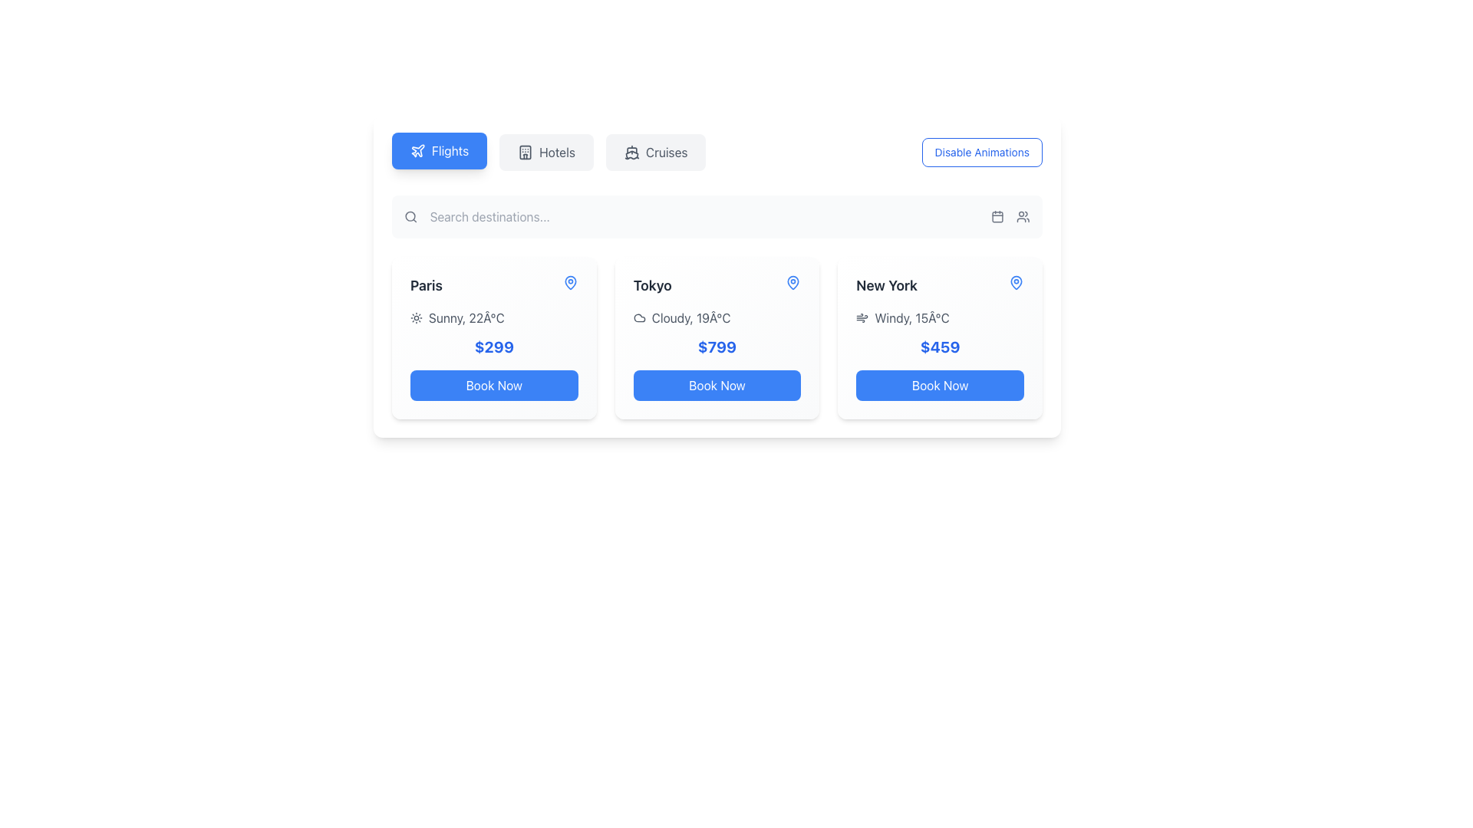 This screenshot has height=828, width=1473. Describe the element at coordinates (526, 153) in the screenshot. I see `the 'Hotels' icon in the navigation menu, located to the left of the 'Cruises' option` at that location.